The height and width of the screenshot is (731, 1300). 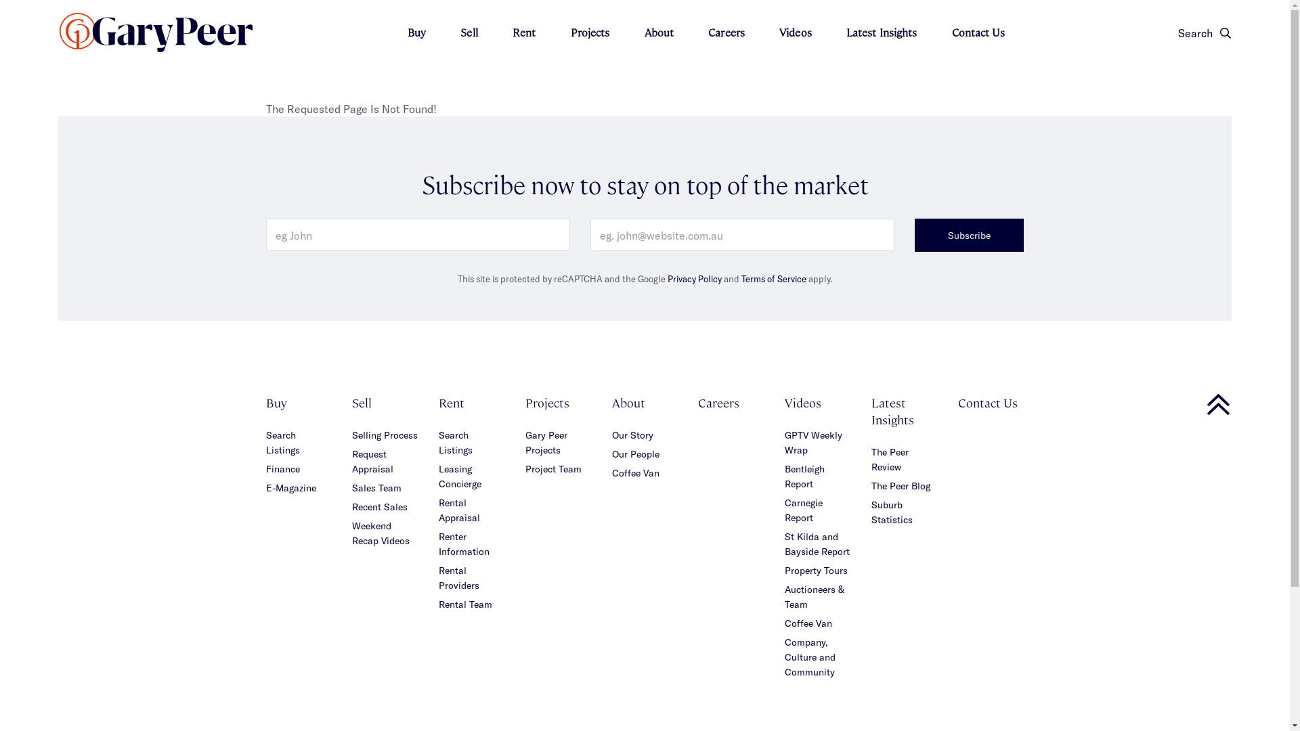 What do you see at coordinates (376, 487) in the screenshot?
I see `'Sales Team'` at bounding box center [376, 487].